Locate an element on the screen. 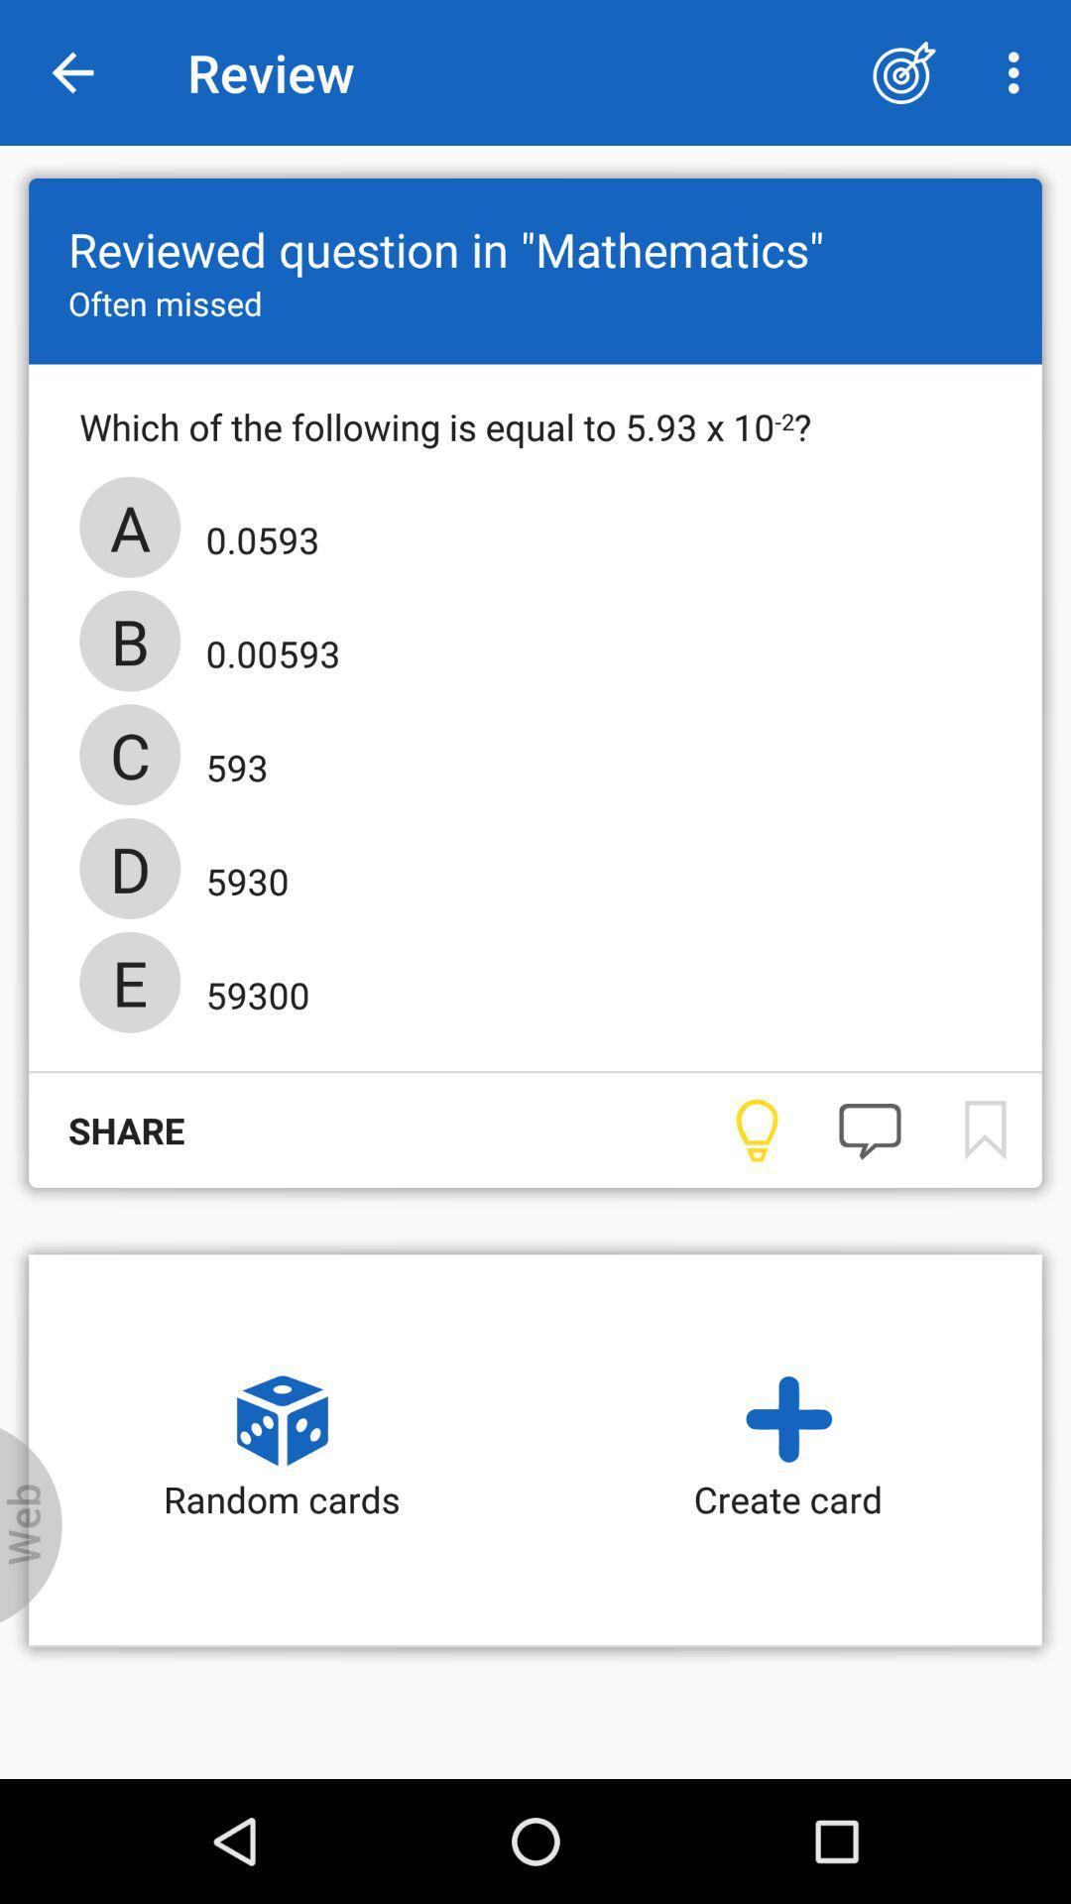 The width and height of the screenshot is (1071, 1904). bookmark question is located at coordinates (984, 1130).